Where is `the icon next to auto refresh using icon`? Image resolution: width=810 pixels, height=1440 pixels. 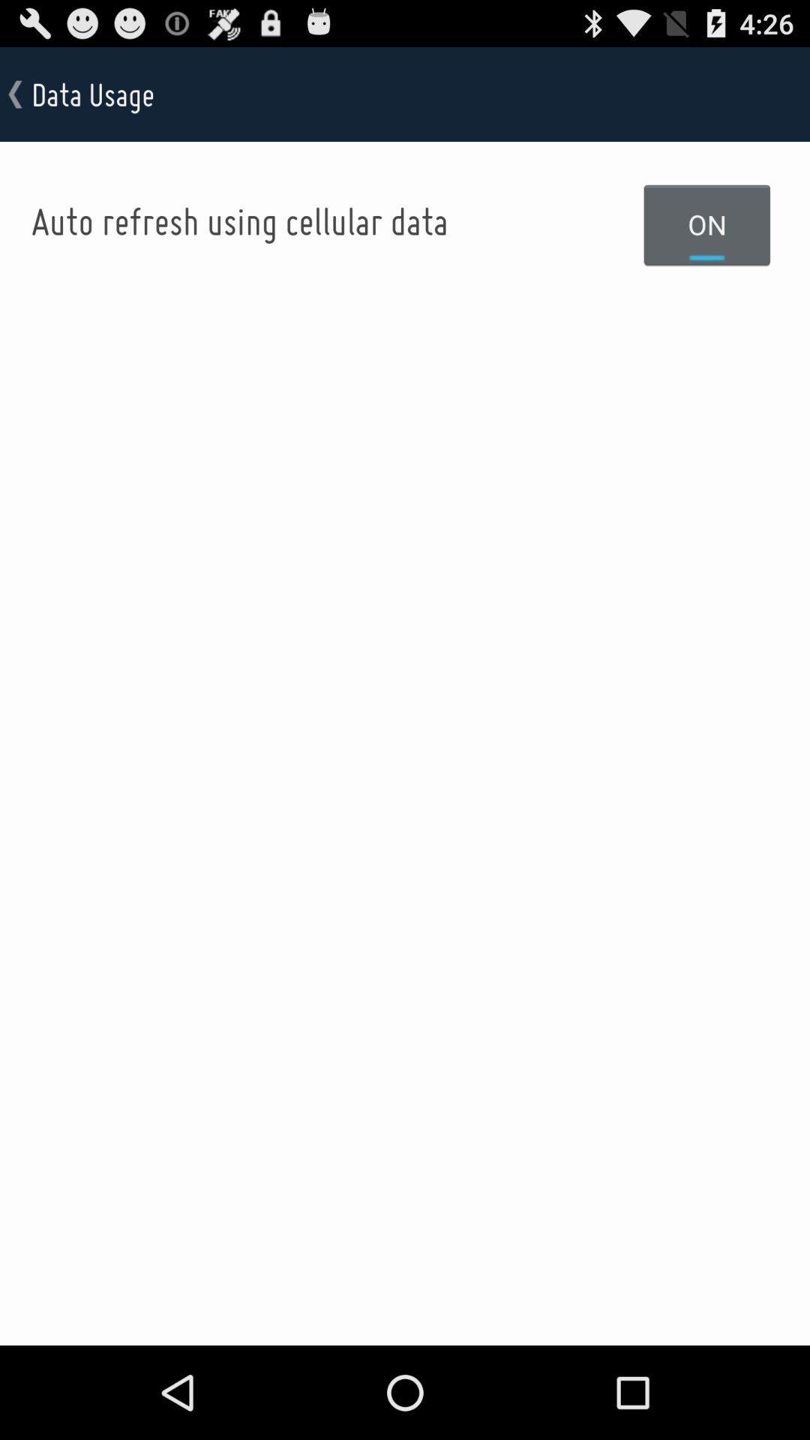 the icon next to auto refresh using icon is located at coordinates (707, 223).